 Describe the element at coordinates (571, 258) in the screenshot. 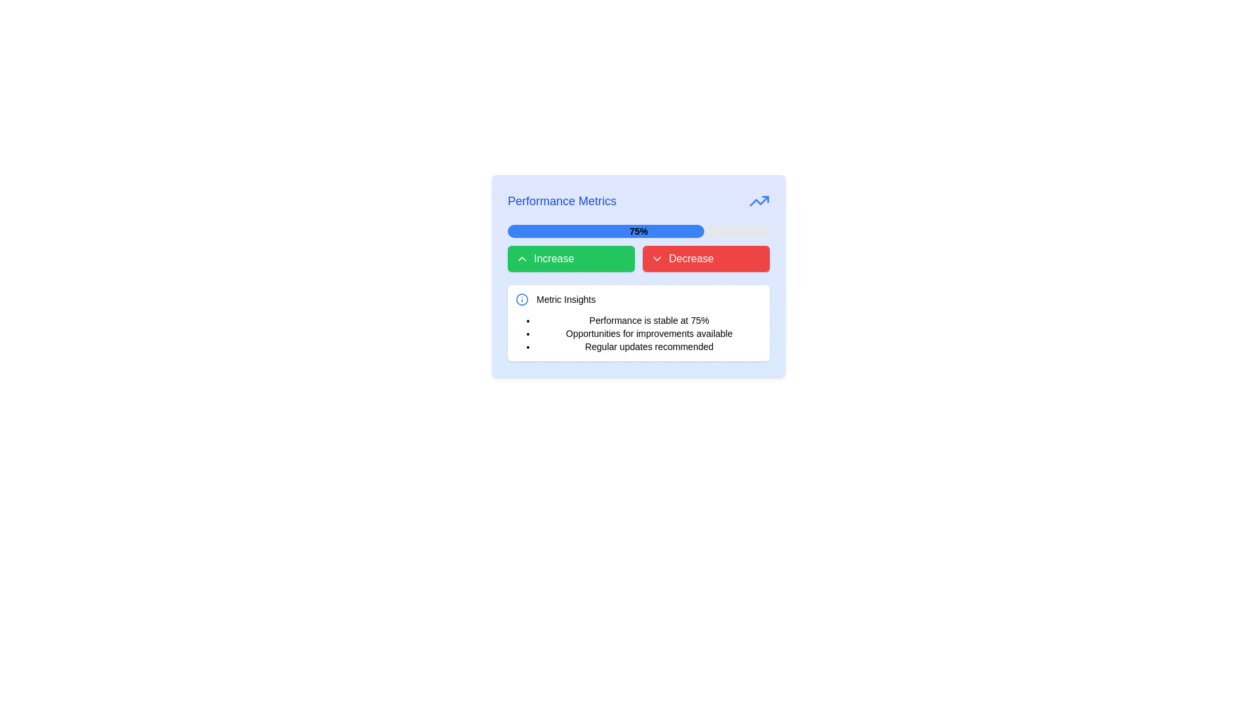

I see `the first button on the left in the grid layout, located below the progress bar and above the 'Metric Insights' section, to initiate the increase action` at that location.